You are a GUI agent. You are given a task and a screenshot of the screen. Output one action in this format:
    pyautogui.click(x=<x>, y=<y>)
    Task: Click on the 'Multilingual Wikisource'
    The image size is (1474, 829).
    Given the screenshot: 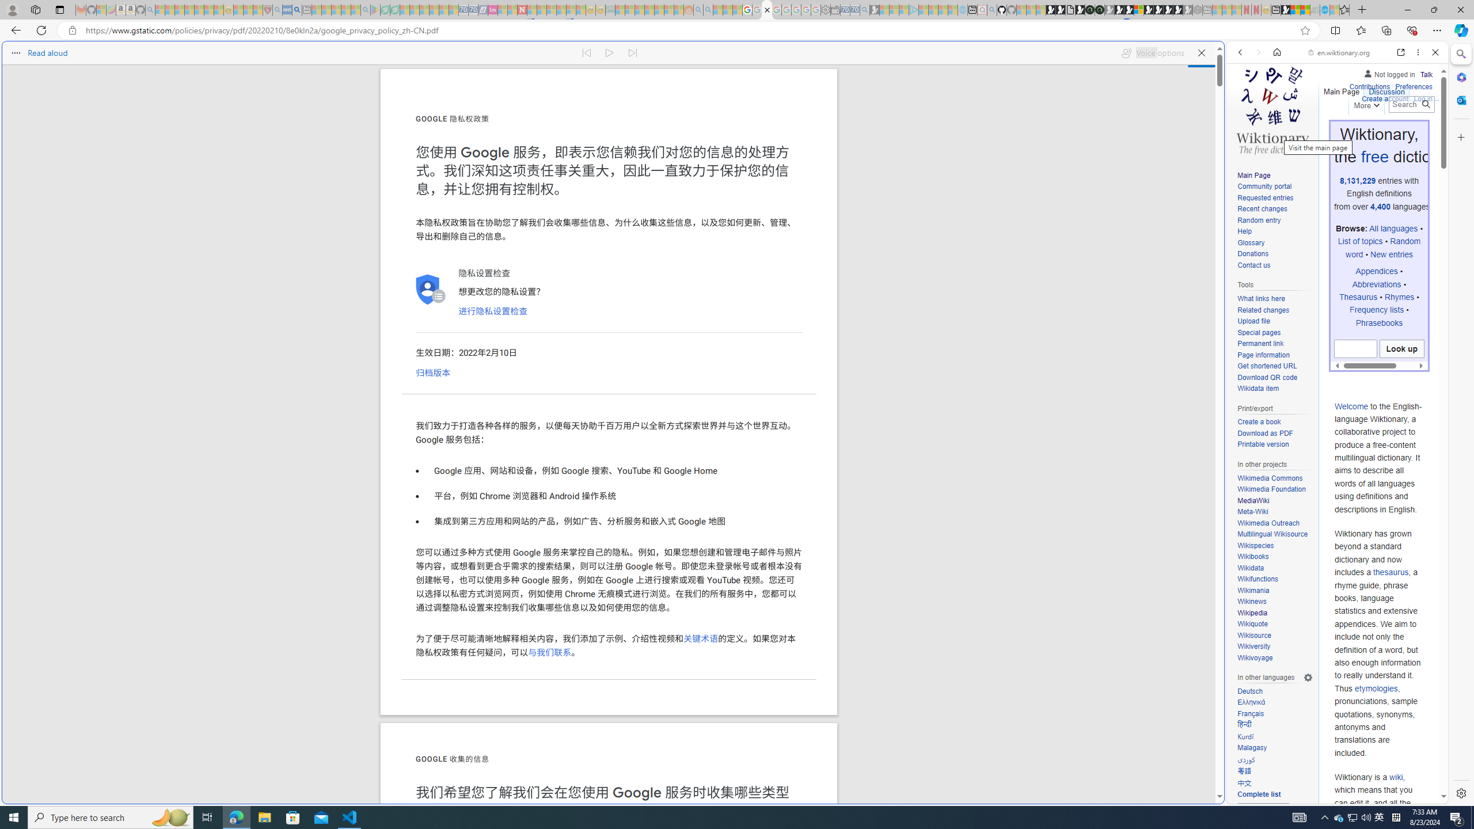 What is the action you would take?
    pyautogui.click(x=1274, y=534)
    